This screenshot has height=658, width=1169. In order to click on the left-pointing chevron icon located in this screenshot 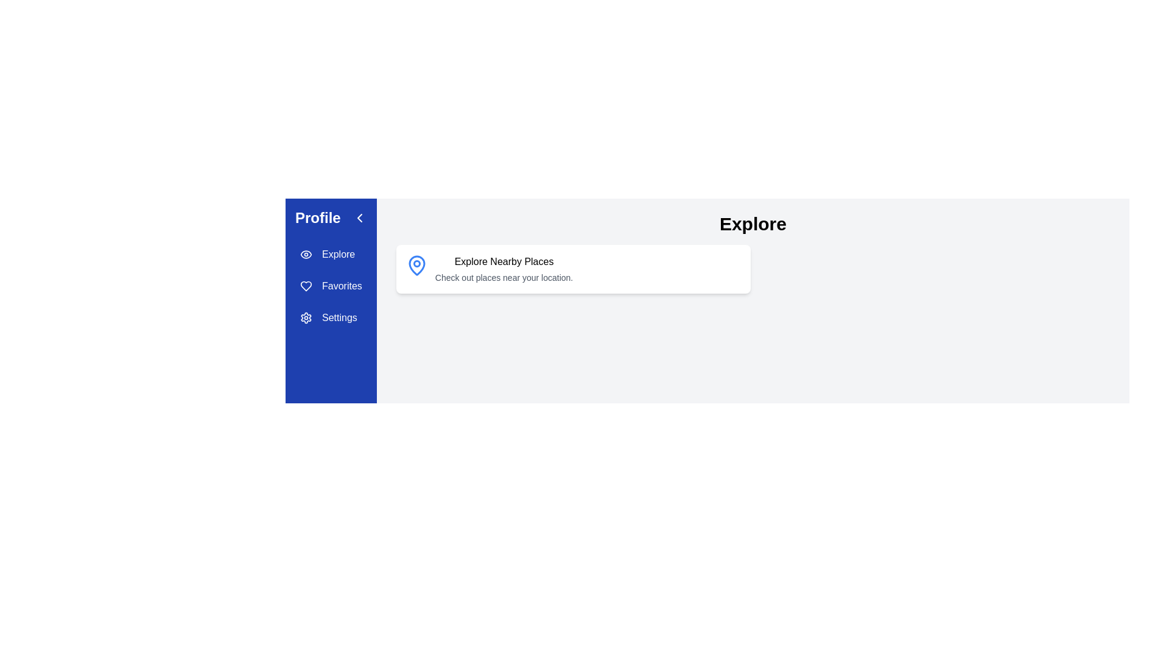, I will do `click(359, 218)`.